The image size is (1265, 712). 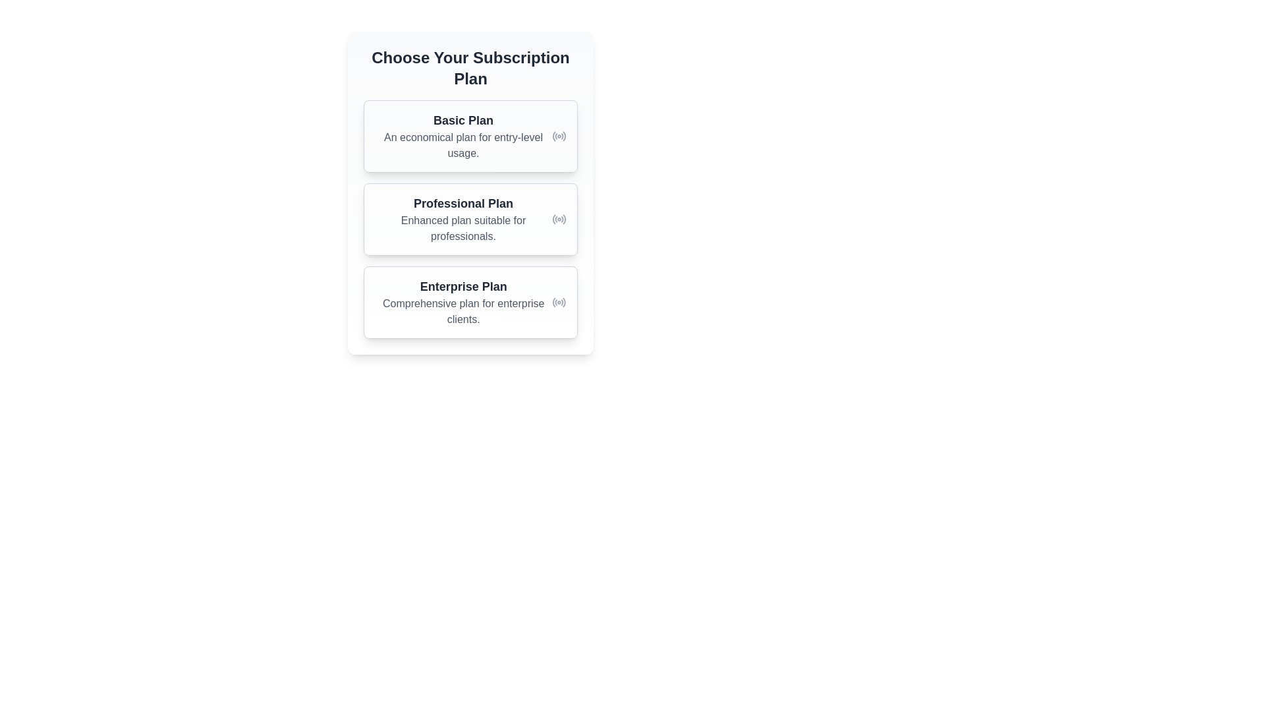 What do you see at coordinates (463, 228) in the screenshot?
I see `the text block that describes the 'Enhanced plan suitable for professionals.' located below the header 'Professional Plan' in the subscription plan listing interface` at bounding box center [463, 228].